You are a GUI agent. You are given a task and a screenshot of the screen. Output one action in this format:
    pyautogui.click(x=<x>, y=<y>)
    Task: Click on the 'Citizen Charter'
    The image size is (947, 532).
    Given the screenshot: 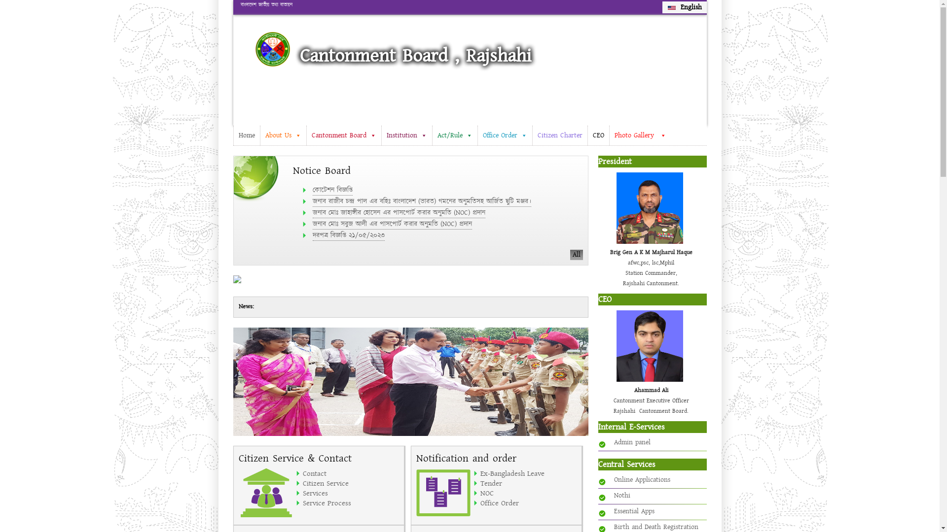 What is the action you would take?
    pyautogui.click(x=559, y=135)
    